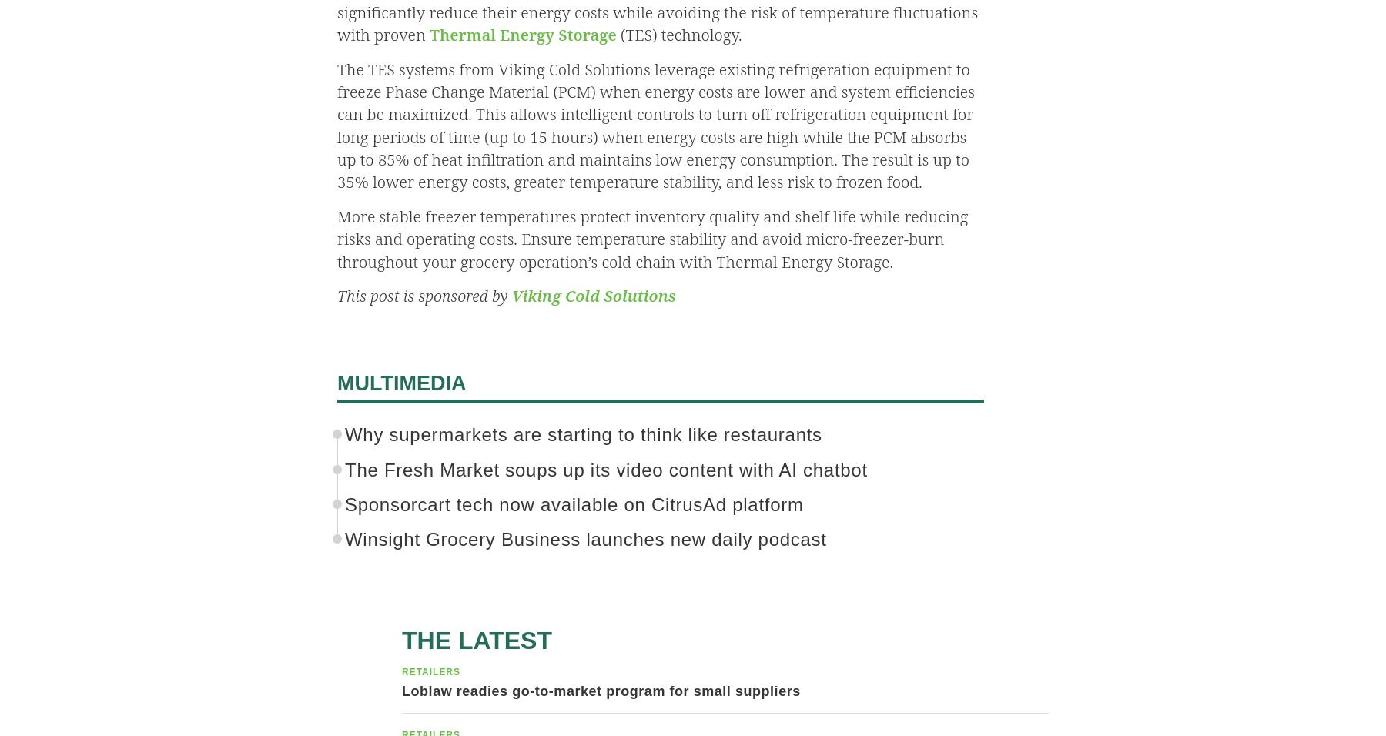 This screenshot has width=1386, height=736. What do you see at coordinates (678, 34) in the screenshot?
I see `'(TES) technology.'` at bounding box center [678, 34].